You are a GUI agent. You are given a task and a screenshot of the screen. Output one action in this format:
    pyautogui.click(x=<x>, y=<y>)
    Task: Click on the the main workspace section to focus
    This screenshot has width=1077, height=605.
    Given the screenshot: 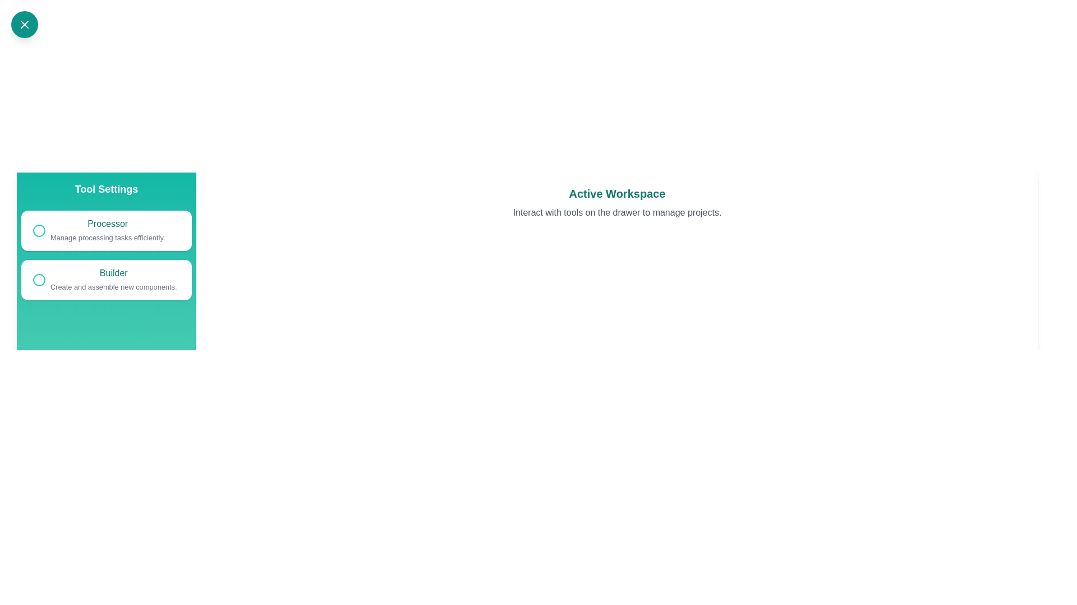 What is the action you would take?
    pyautogui.click(x=616, y=475)
    